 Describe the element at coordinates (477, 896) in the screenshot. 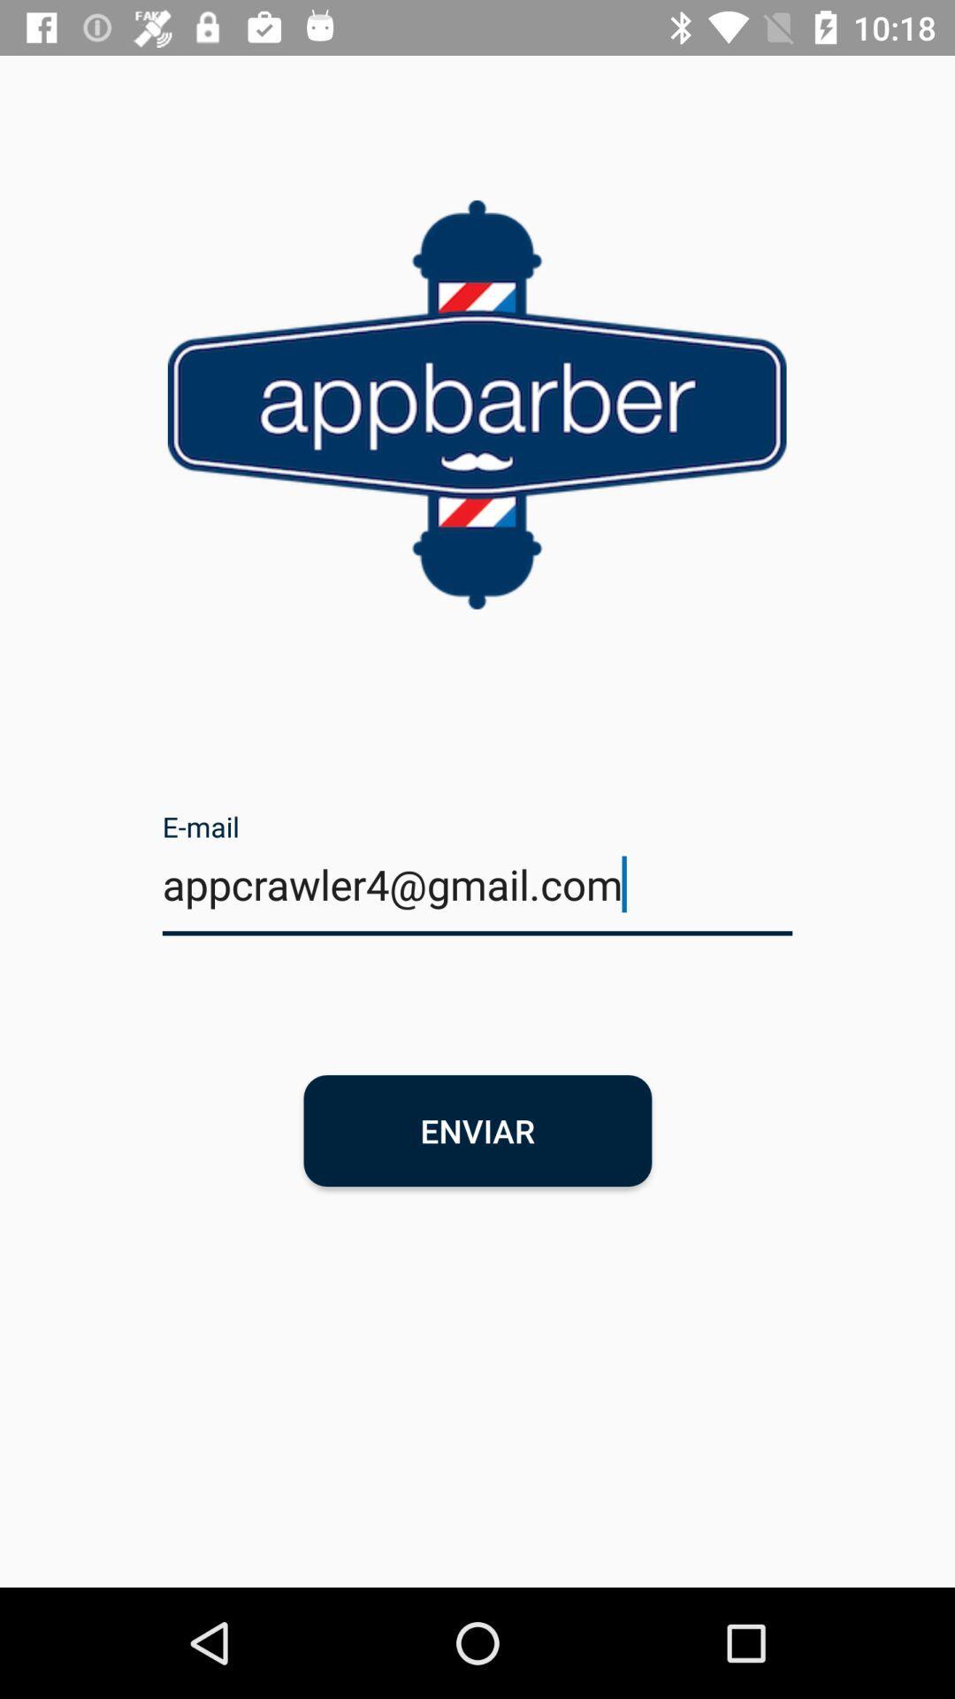

I see `the appcrawler4@gmail.com item` at that location.